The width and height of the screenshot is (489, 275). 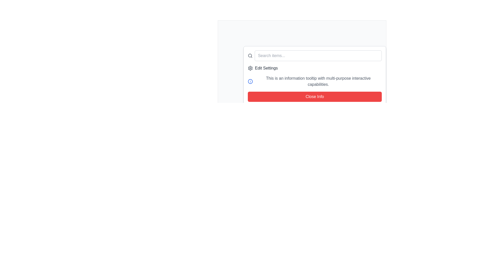 I want to click on the outer circle of the information icon, which serves as a visual indicator in the tooltip section, so click(x=250, y=81).